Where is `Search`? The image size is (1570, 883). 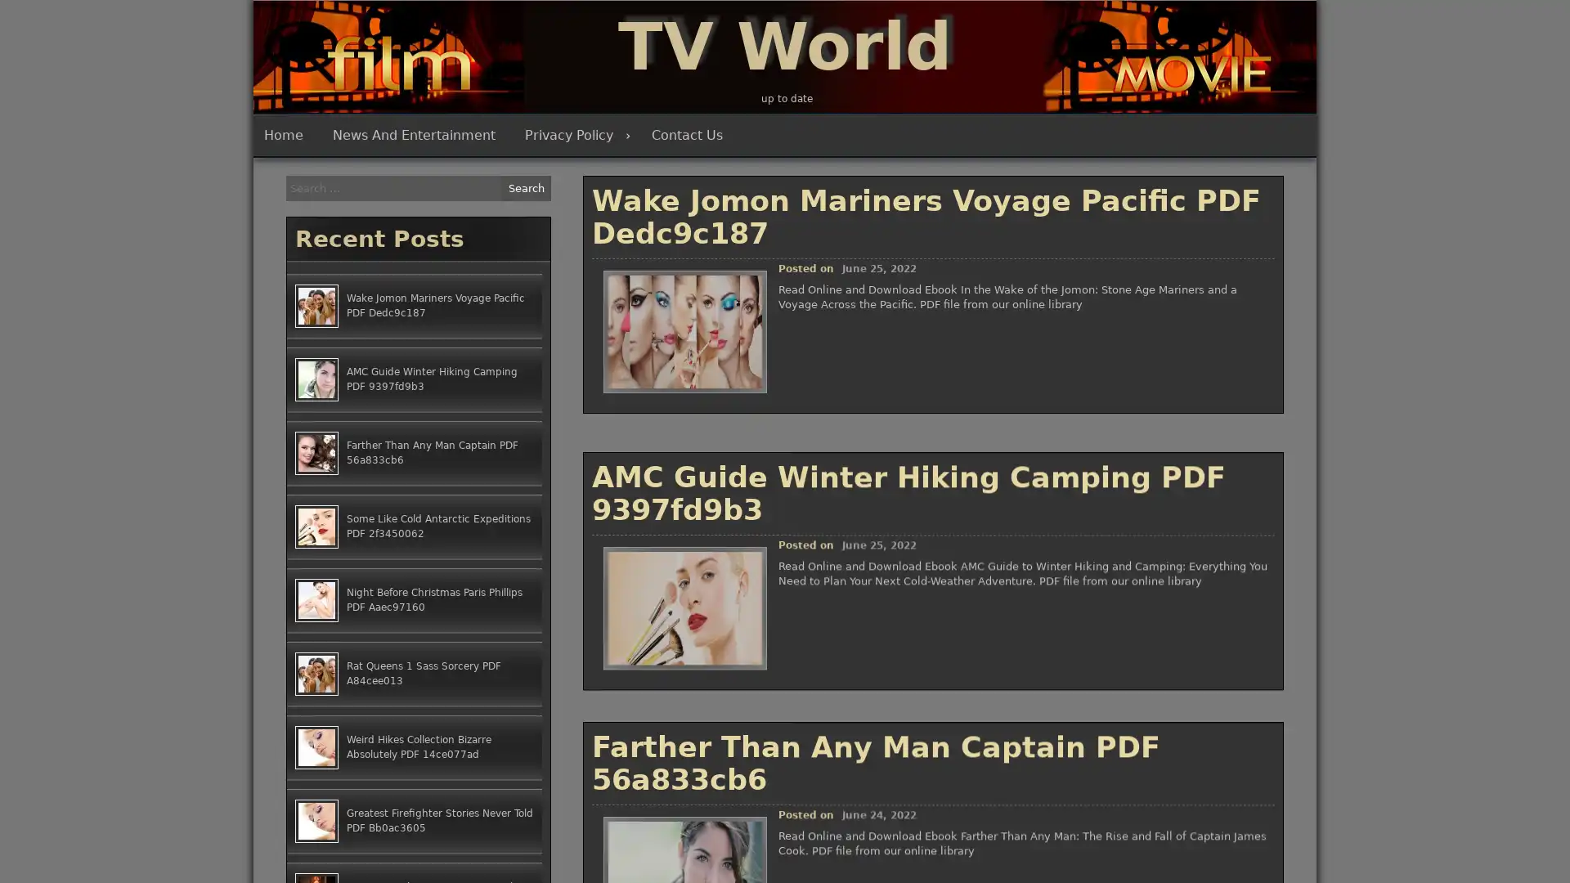
Search is located at coordinates (526, 187).